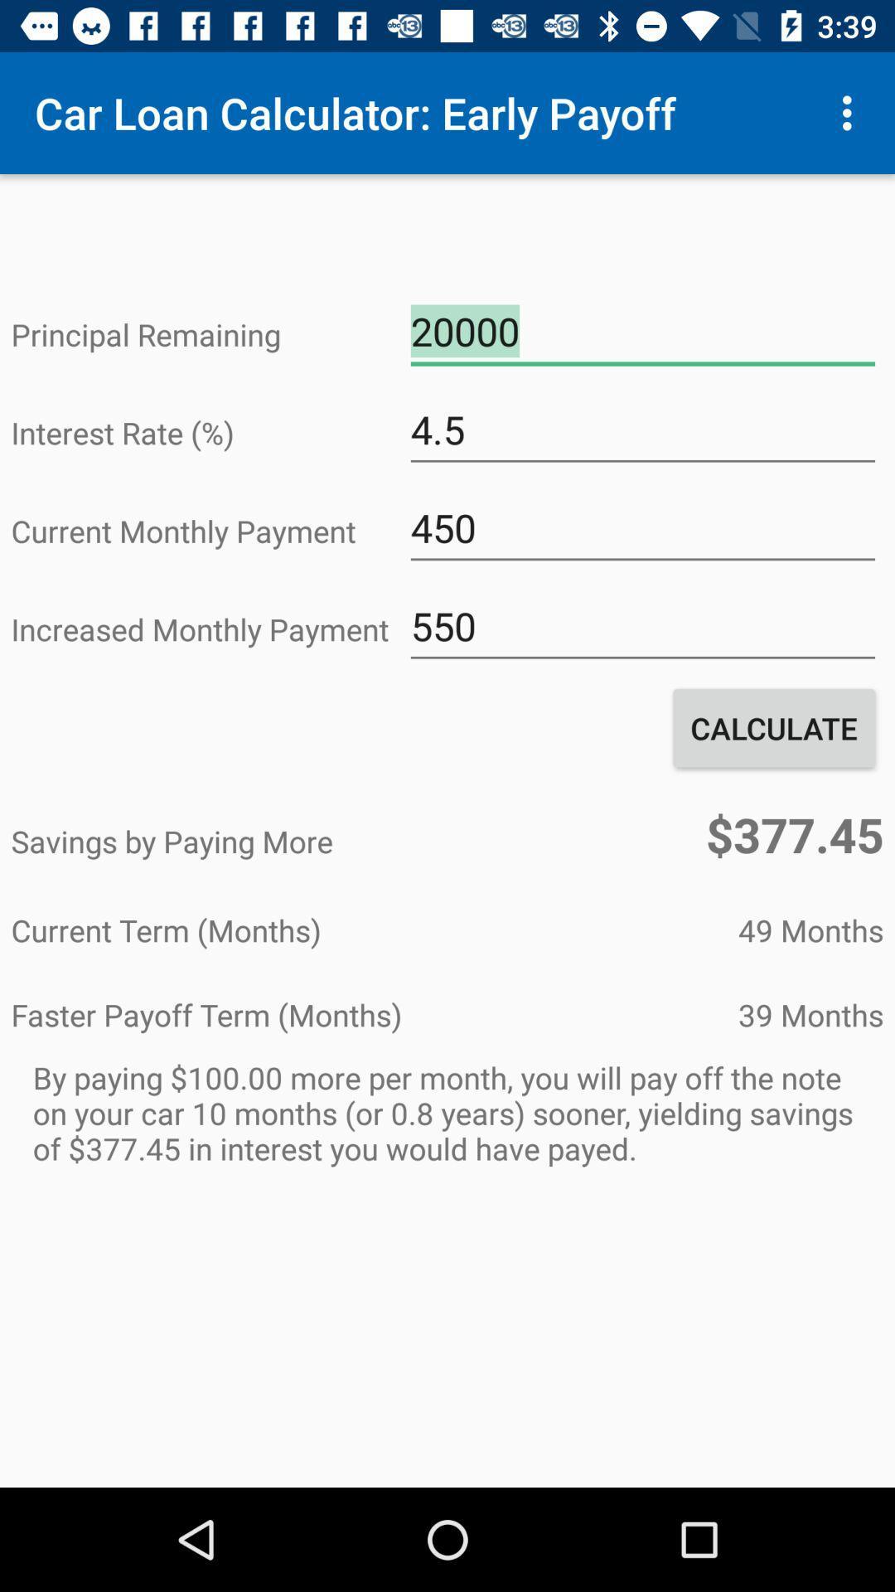 Image resolution: width=895 pixels, height=1592 pixels. What do you see at coordinates (641, 527) in the screenshot?
I see `the icon to the right of the current monthly payment icon` at bounding box center [641, 527].